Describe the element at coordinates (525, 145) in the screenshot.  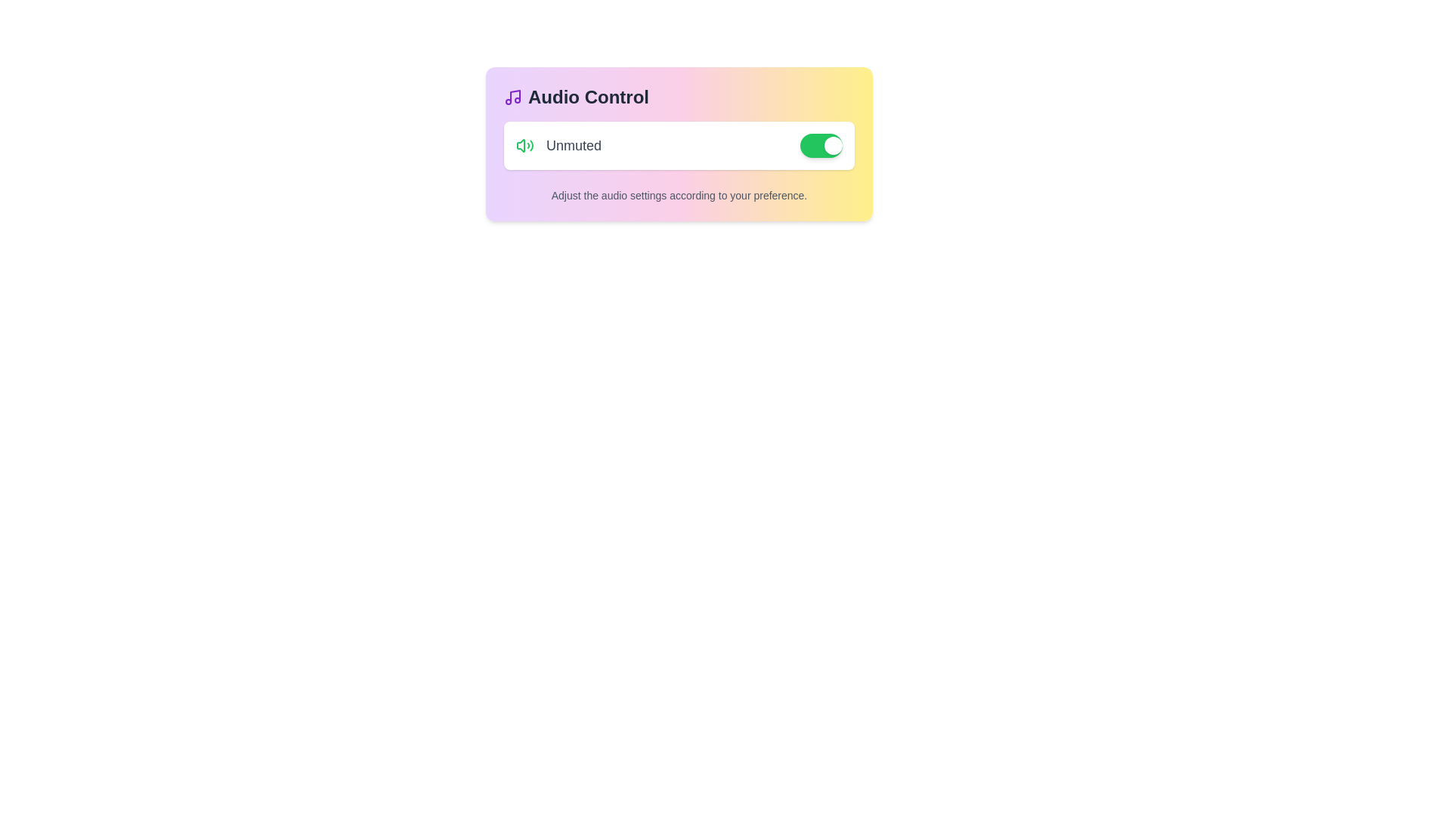
I see `the green speaker icon that represents the unmuted audio status, which is positioned to the left of the 'Unmuted' text label` at that location.